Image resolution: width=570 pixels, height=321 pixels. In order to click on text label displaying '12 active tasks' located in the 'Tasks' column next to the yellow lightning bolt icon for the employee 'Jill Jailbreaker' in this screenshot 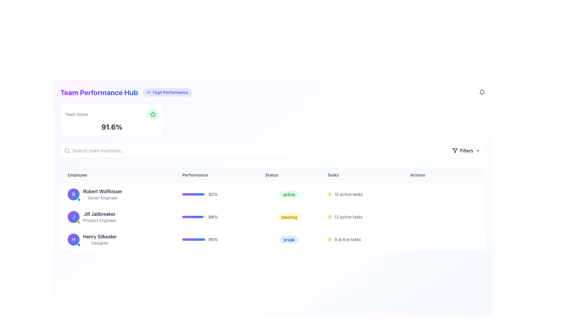, I will do `click(349, 217)`.